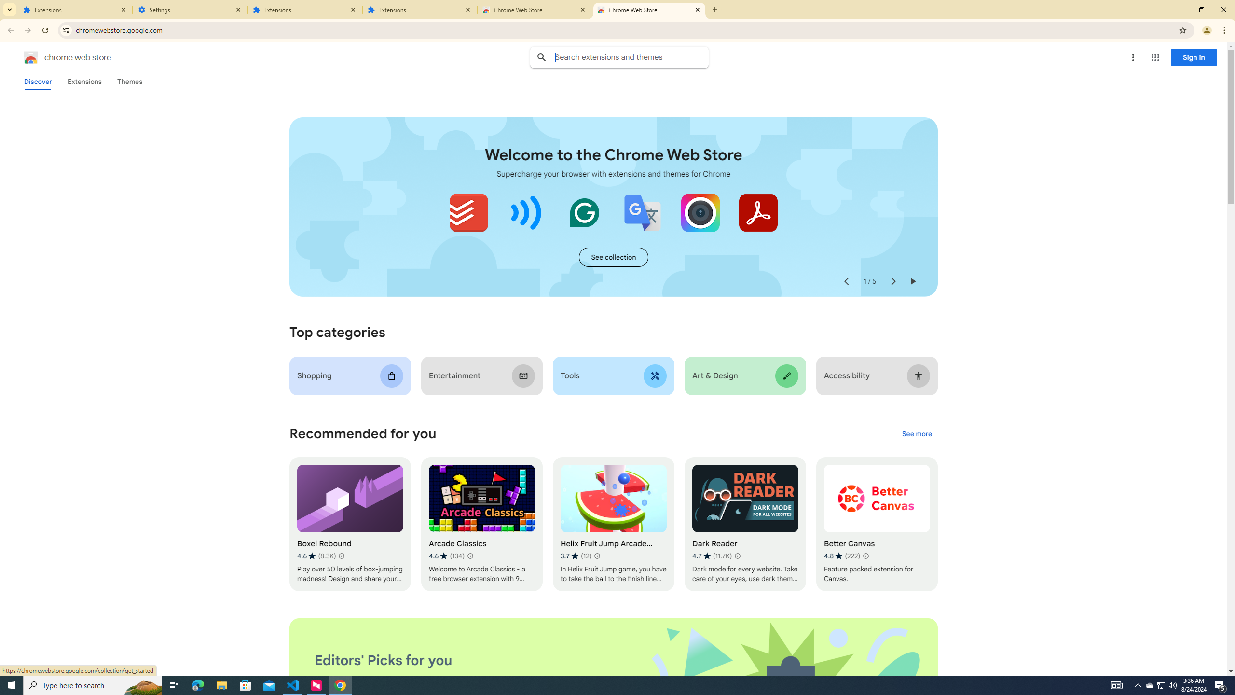 Image resolution: width=1235 pixels, height=695 pixels. I want to click on 'Adobe Acrobat: PDF edit, convert, sign tools', so click(757, 212).